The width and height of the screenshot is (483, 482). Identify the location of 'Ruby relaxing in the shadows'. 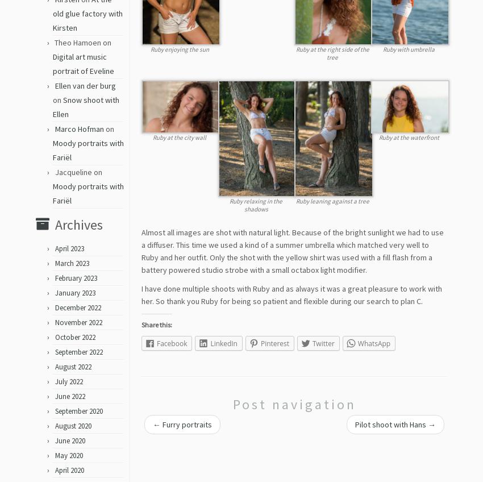
(255, 208).